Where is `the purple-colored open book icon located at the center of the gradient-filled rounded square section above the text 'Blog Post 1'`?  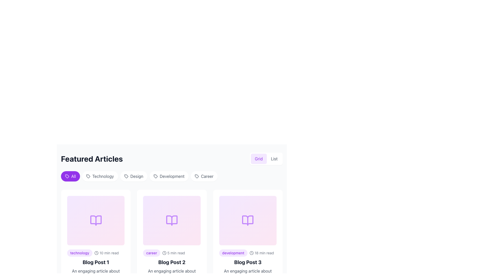
the purple-colored open book icon located at the center of the gradient-filled rounded square section above the text 'Blog Post 1' is located at coordinates (96, 220).